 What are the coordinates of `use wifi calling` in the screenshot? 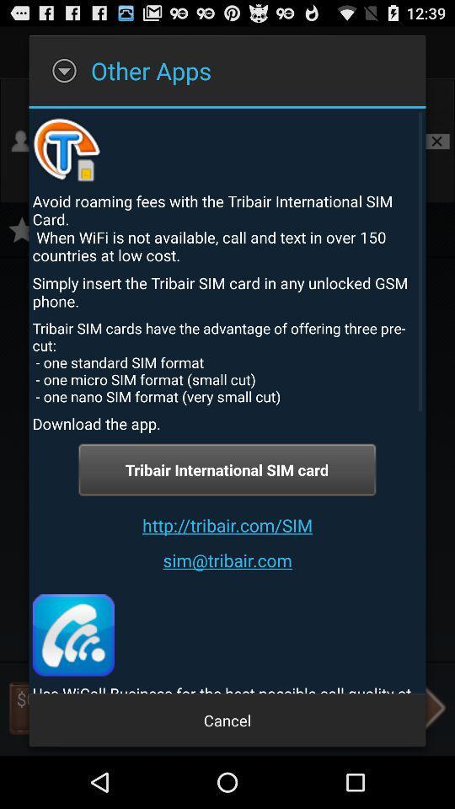 It's located at (72, 634).